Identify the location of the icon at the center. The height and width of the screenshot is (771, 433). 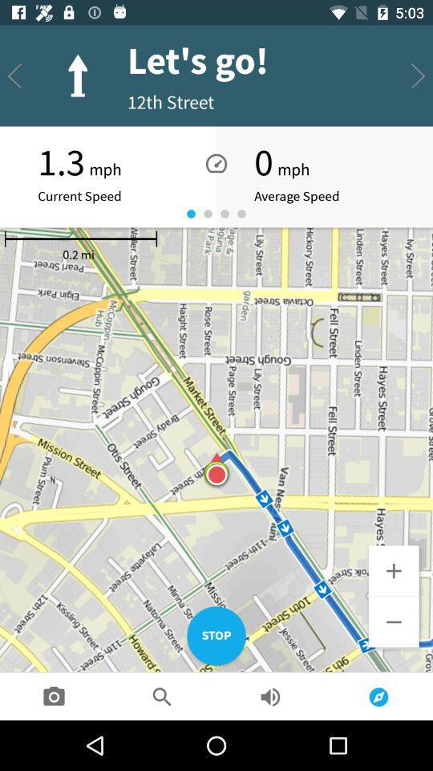
(216, 474).